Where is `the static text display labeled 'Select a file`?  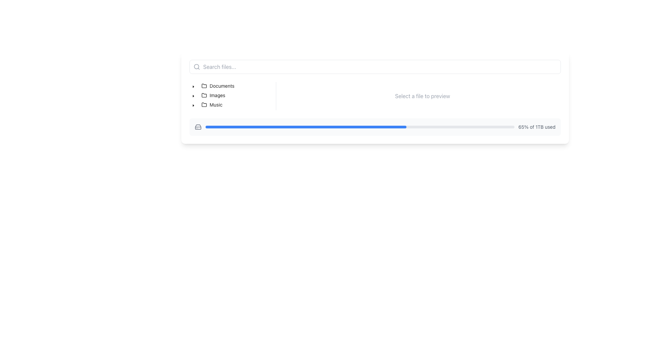
the static text display labeled 'Select a file is located at coordinates (422, 96).